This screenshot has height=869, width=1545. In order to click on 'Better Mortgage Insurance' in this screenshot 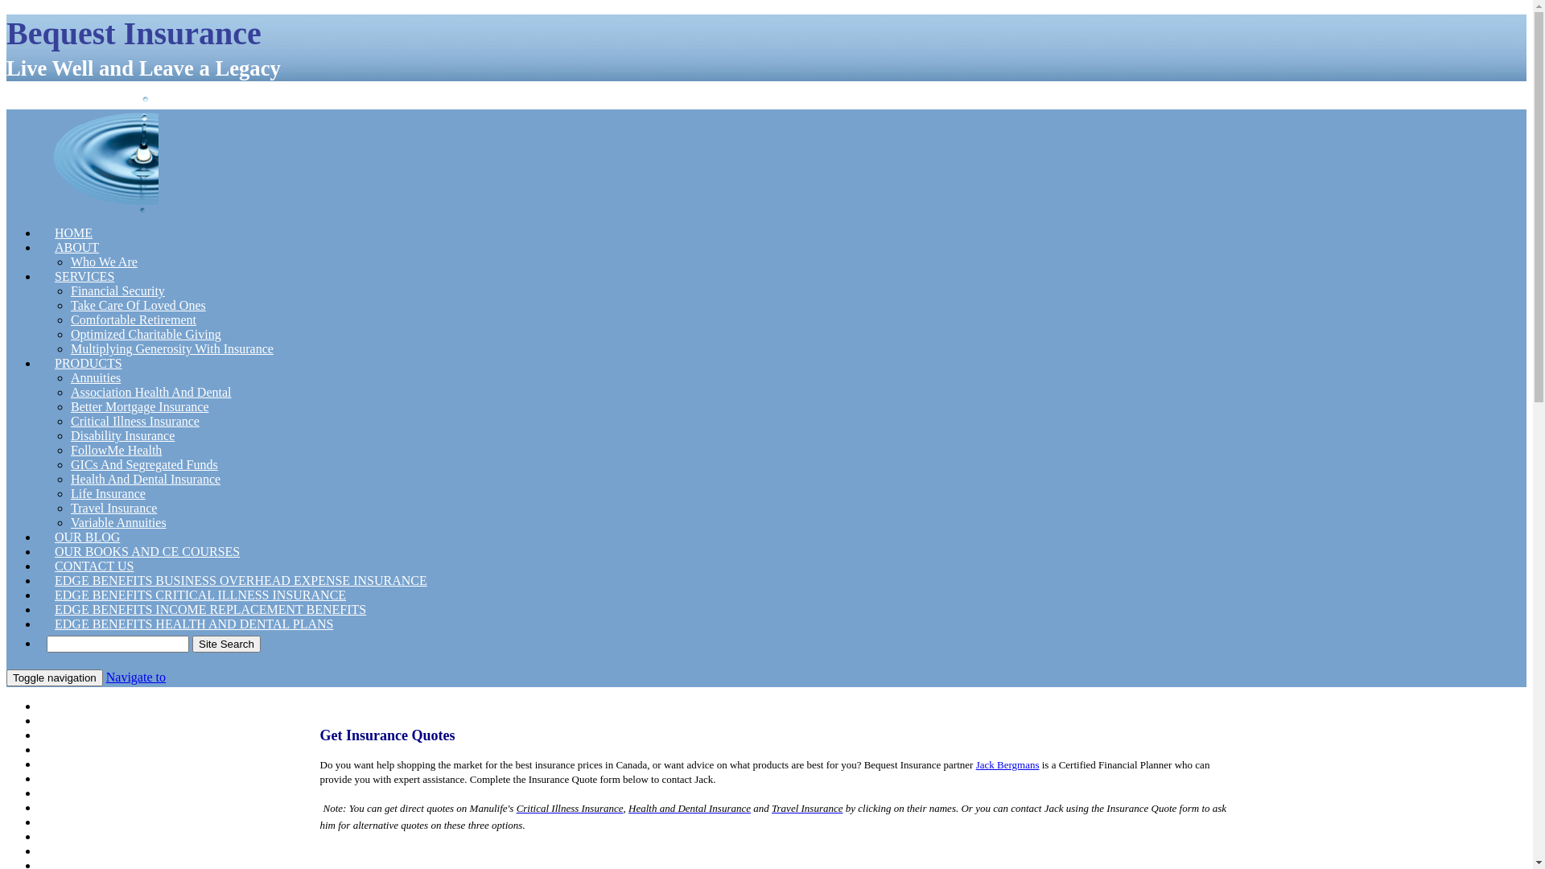, I will do `click(69, 406)`.